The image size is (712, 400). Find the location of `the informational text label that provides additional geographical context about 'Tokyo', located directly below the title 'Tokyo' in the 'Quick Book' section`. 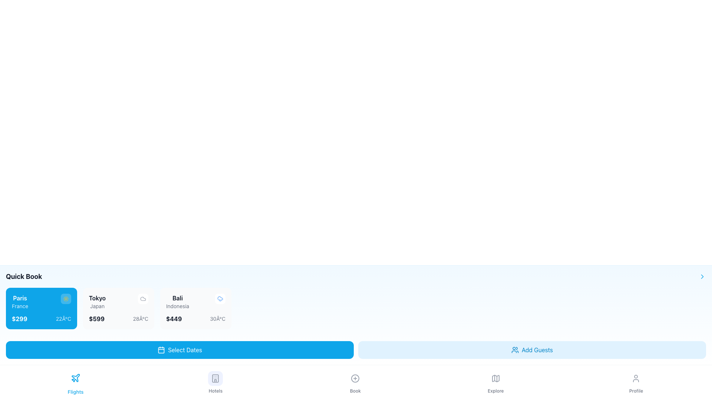

the informational text label that provides additional geographical context about 'Tokyo', located directly below the title 'Tokyo' in the 'Quick Book' section is located at coordinates (97, 306).